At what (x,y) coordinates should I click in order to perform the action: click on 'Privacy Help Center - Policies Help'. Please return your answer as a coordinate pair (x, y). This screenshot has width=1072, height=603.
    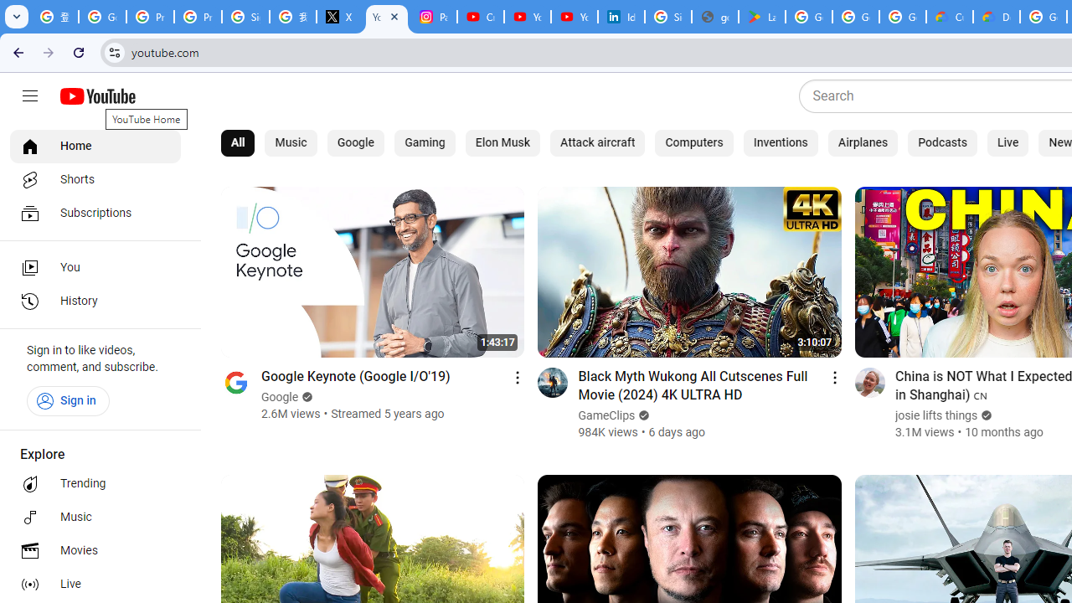
    Looking at the image, I should click on (198, 17).